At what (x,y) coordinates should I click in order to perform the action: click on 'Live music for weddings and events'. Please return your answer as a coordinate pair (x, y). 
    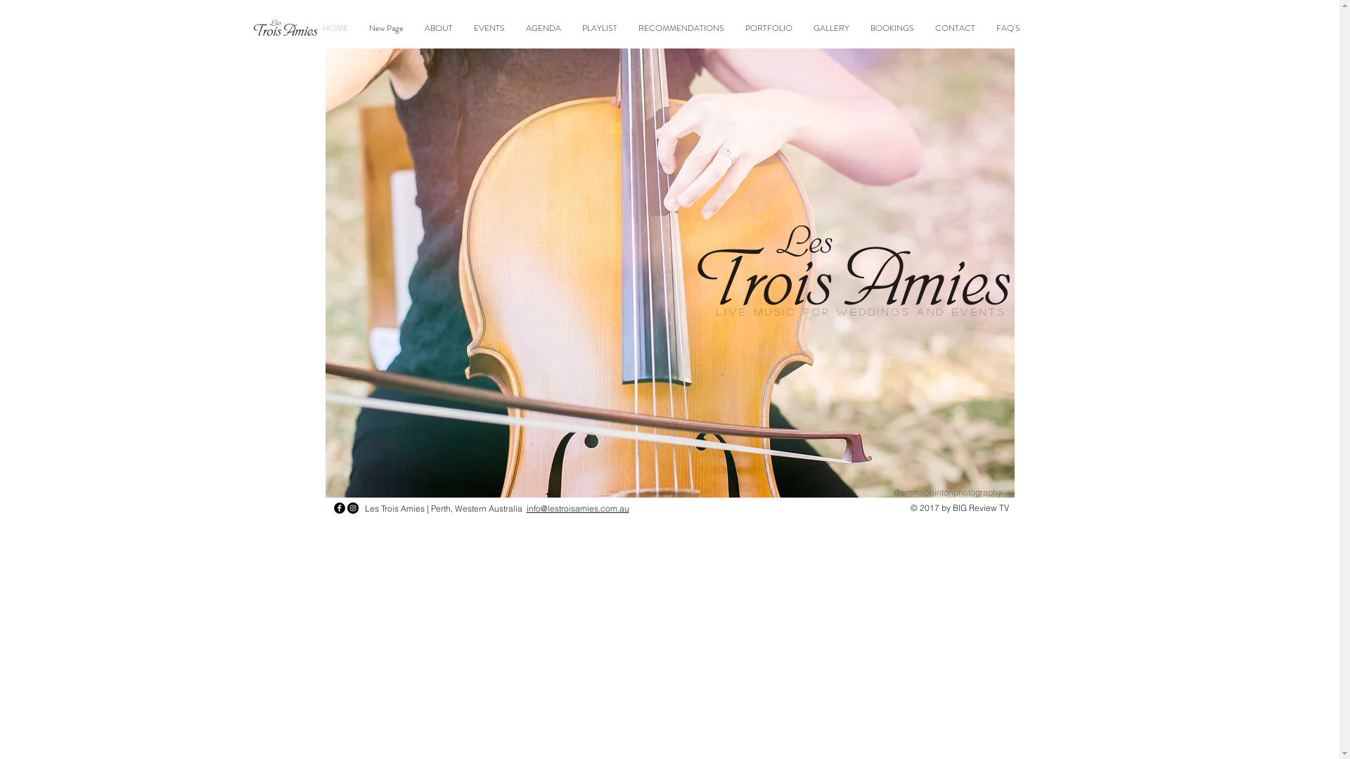
    Looking at the image, I should click on (715, 311).